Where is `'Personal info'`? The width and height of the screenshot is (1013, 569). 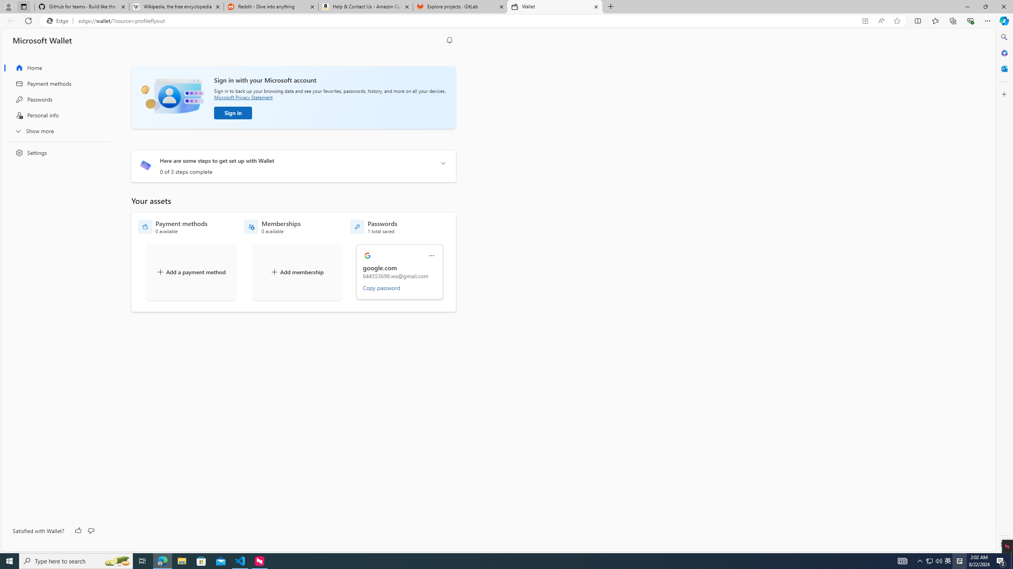
'Personal info' is located at coordinates (56, 115).